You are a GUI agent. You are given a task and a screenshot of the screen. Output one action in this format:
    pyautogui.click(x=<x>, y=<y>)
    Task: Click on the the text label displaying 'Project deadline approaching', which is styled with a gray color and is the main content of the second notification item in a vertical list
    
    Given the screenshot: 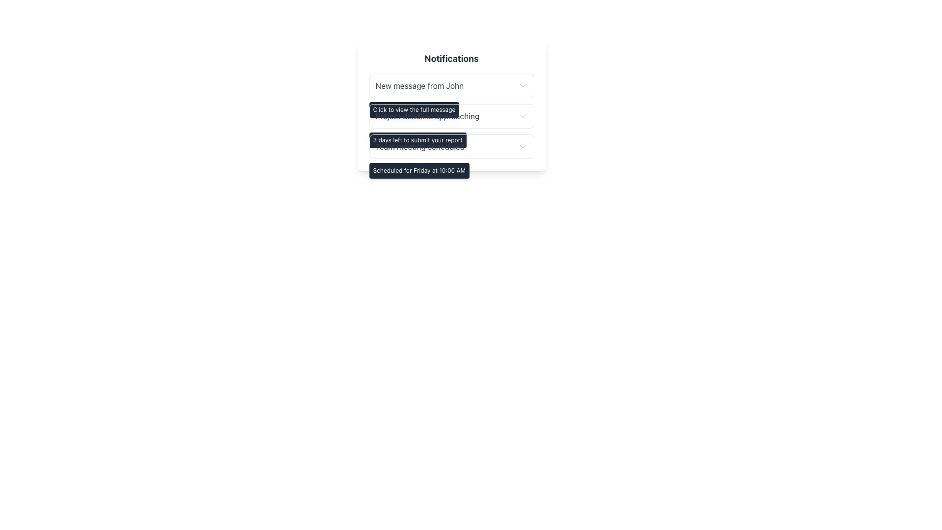 What is the action you would take?
    pyautogui.click(x=427, y=115)
    